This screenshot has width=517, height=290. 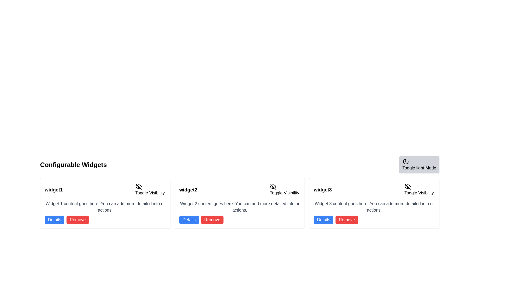 I want to click on the 'Remove' button, which is styled in red with white text, located in the dual-button group under 'widget3' to initiate a delete action, so click(x=374, y=220).